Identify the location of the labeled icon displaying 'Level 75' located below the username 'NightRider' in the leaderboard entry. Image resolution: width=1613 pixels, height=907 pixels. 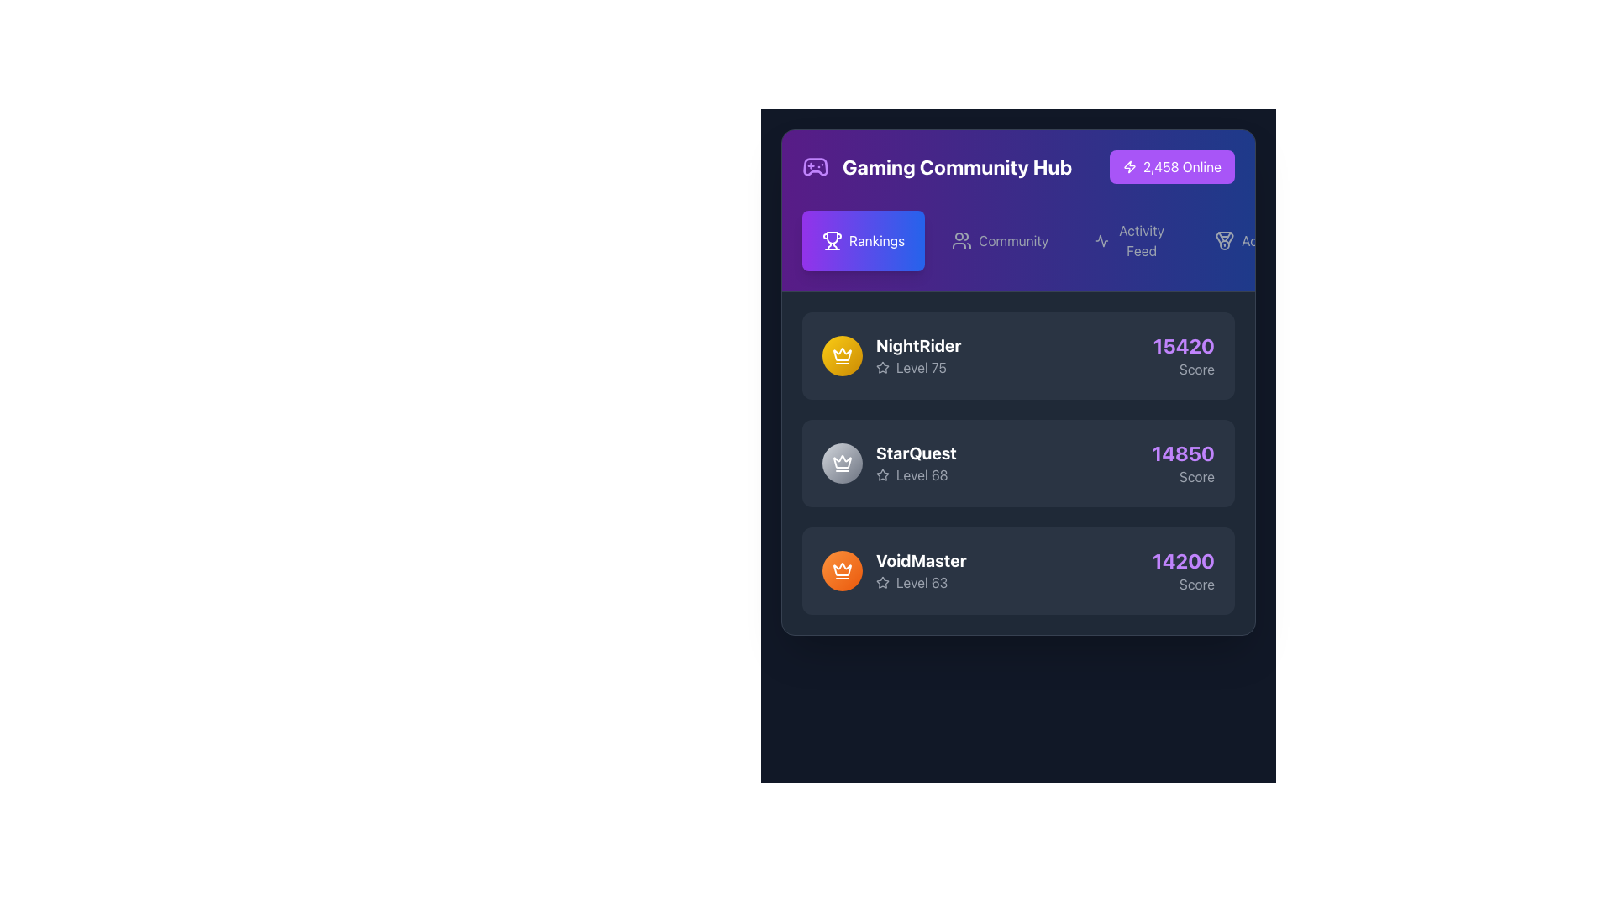
(917, 367).